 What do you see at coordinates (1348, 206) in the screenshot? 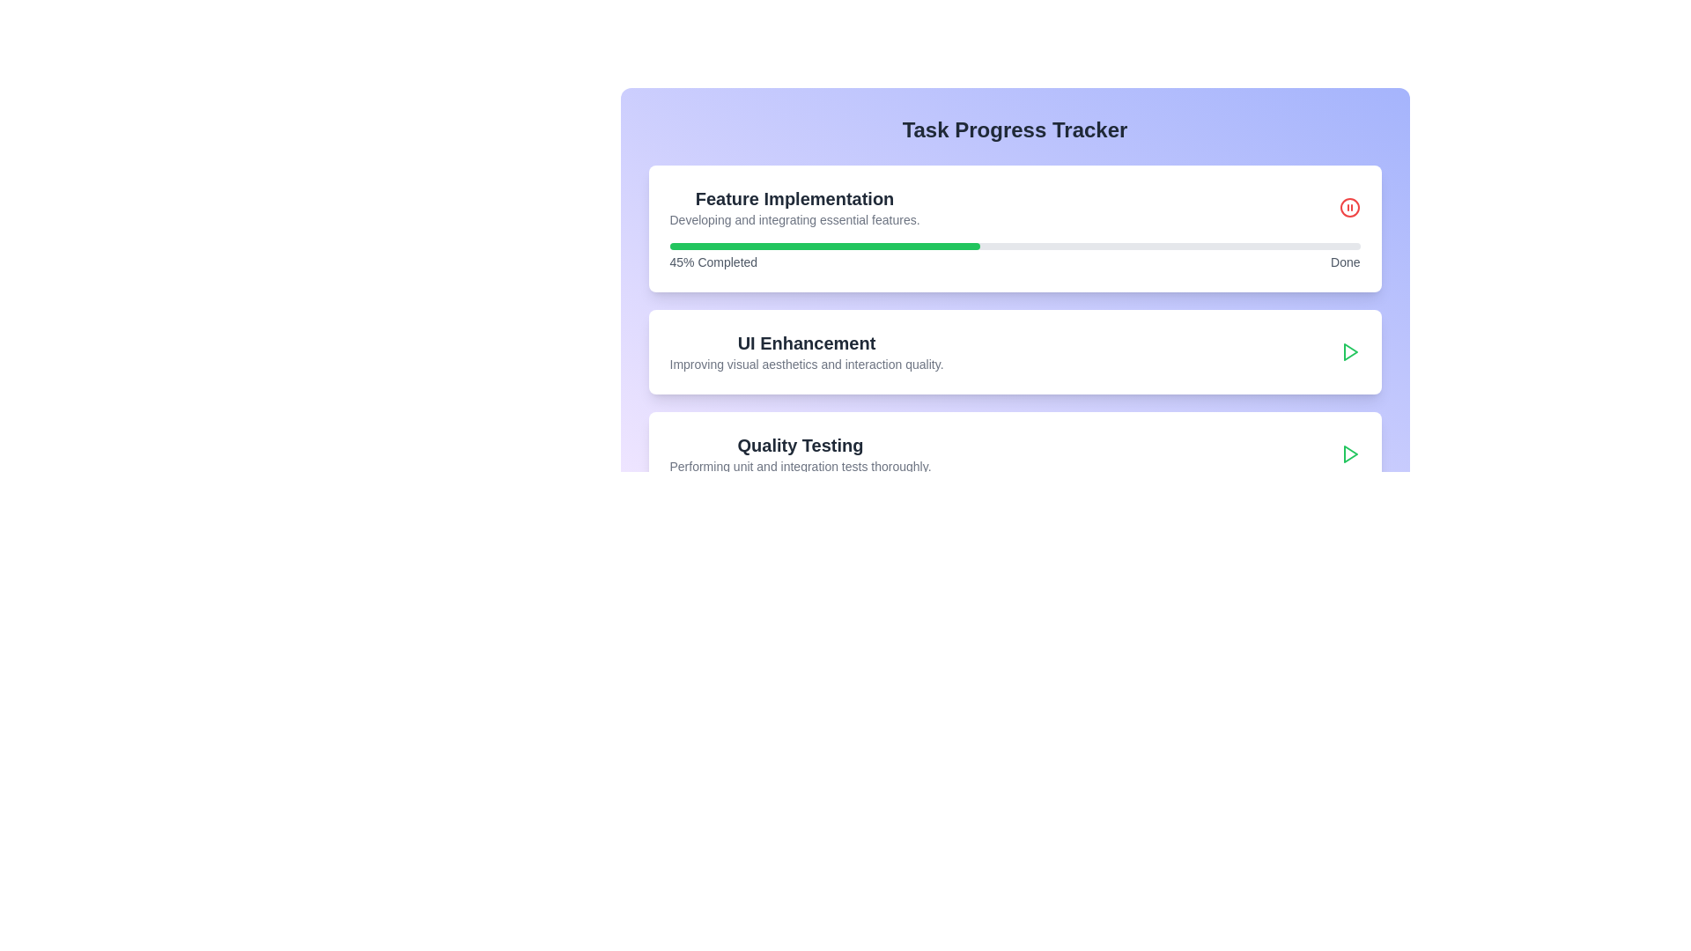
I see `the central circular feature of the pause icon, which is located in the top task card to the right of the progress bar` at bounding box center [1348, 206].